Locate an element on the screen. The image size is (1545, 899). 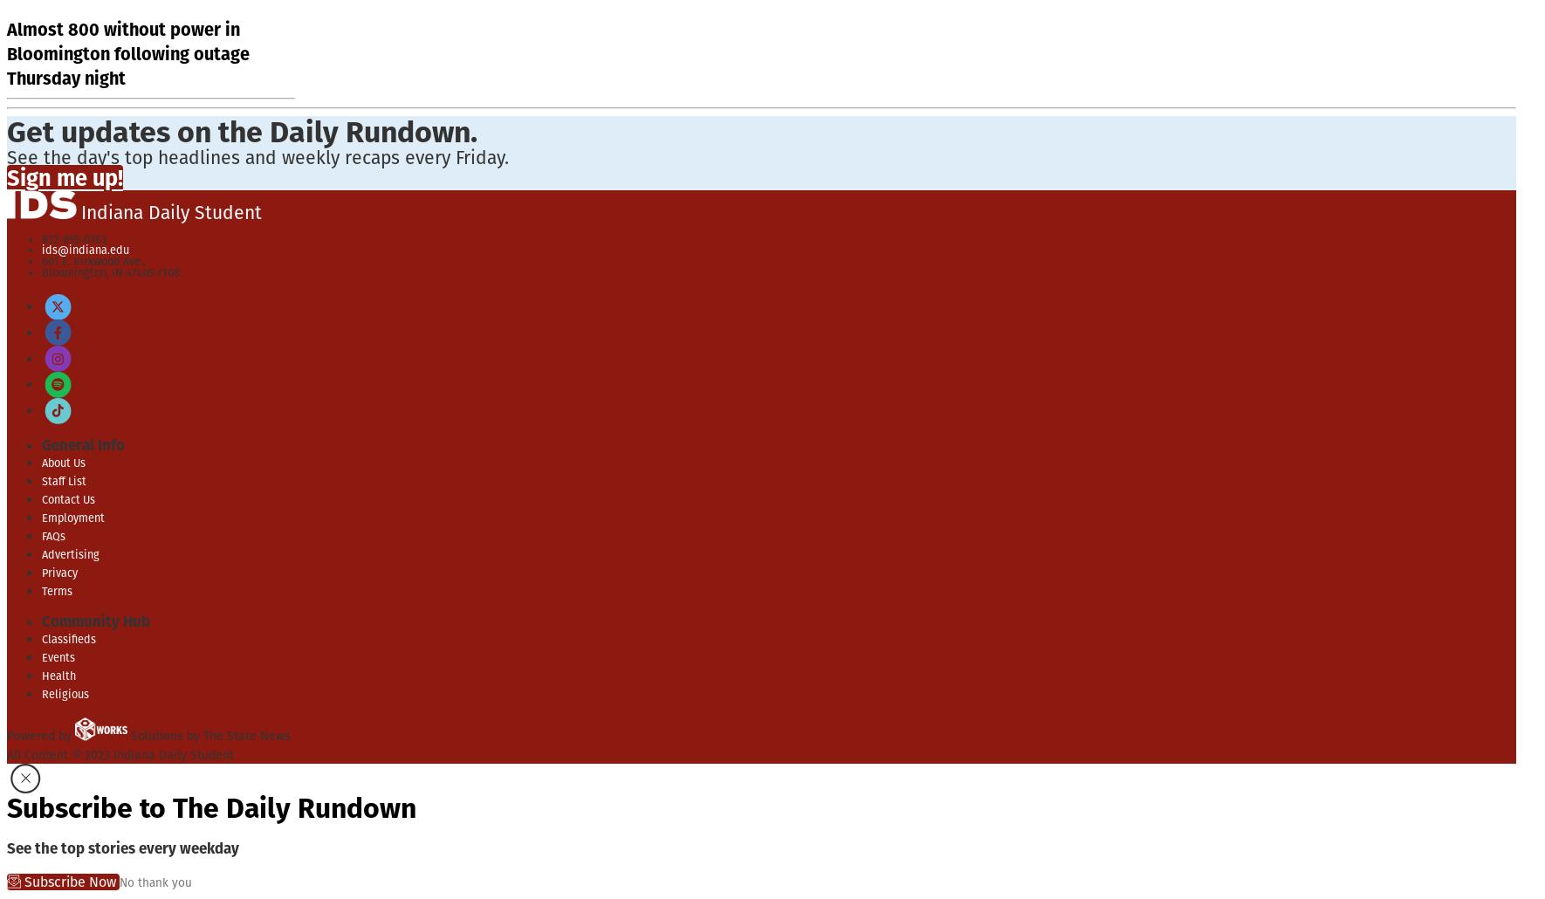
'Sign me up!' is located at coordinates (64, 178).